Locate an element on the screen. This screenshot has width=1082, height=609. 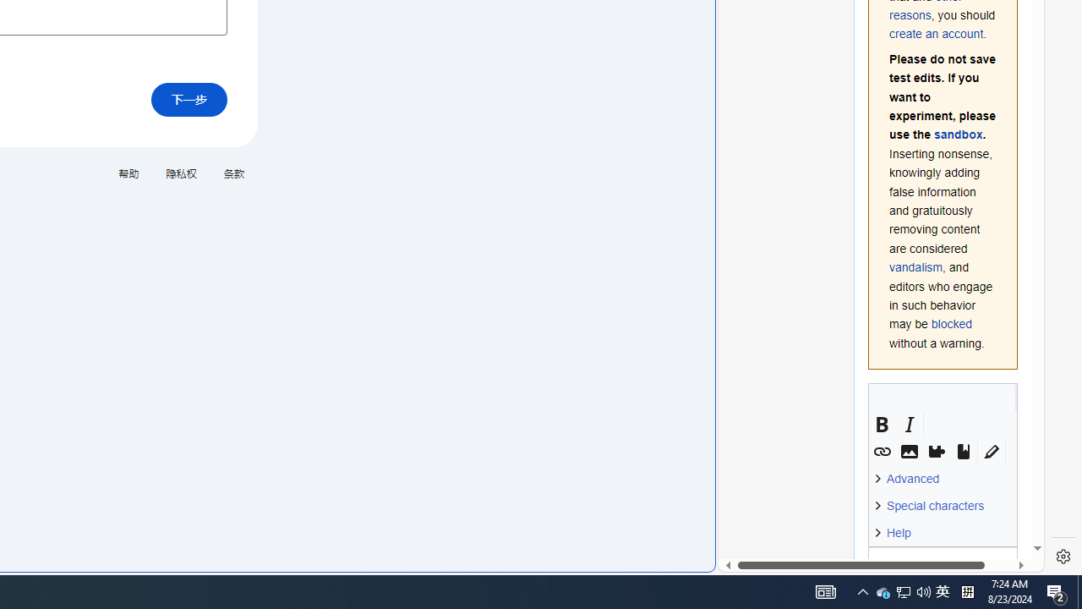
'Images and media' is located at coordinates (908, 451).